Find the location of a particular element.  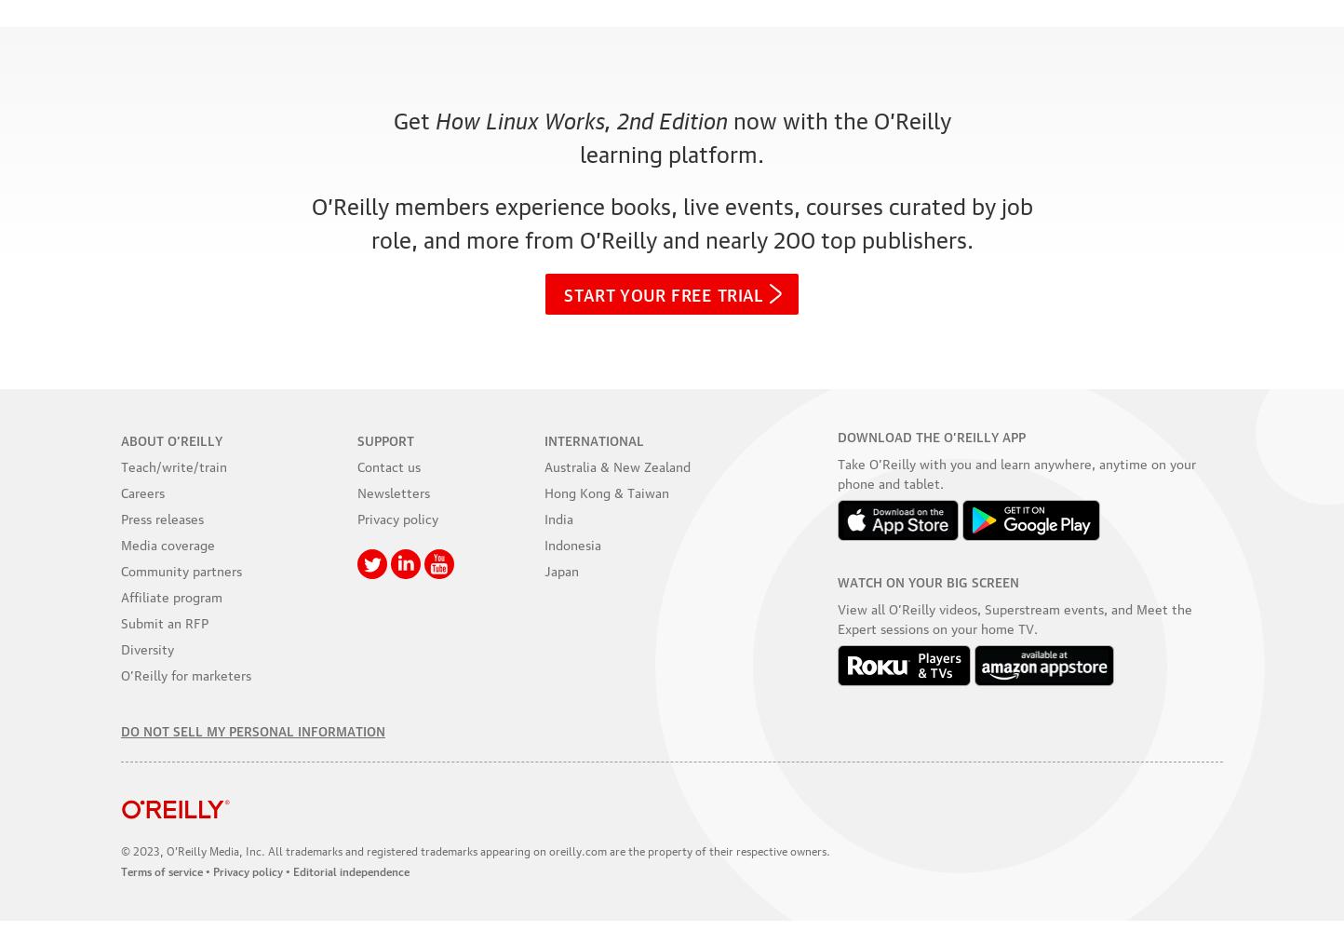

'now with the O’Reilly' is located at coordinates (839, 119).